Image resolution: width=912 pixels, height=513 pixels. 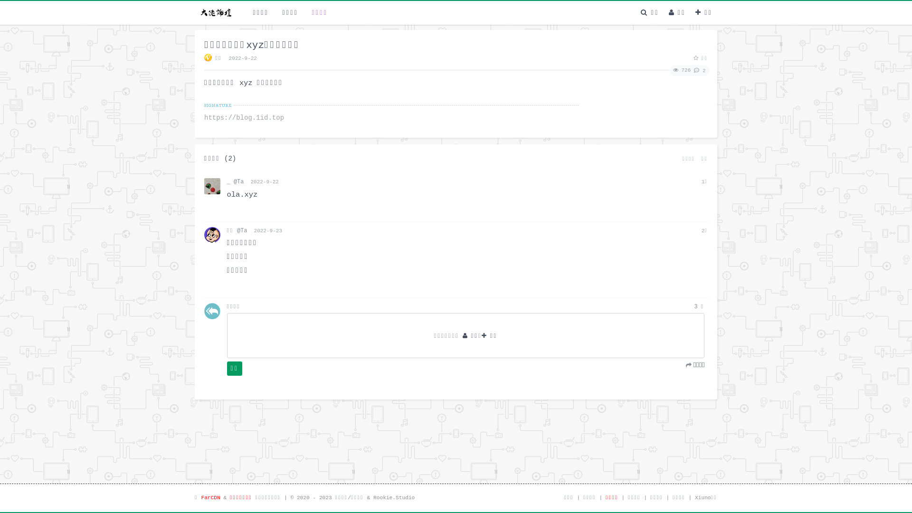 What do you see at coordinates (227, 181) in the screenshot?
I see `'_'` at bounding box center [227, 181].